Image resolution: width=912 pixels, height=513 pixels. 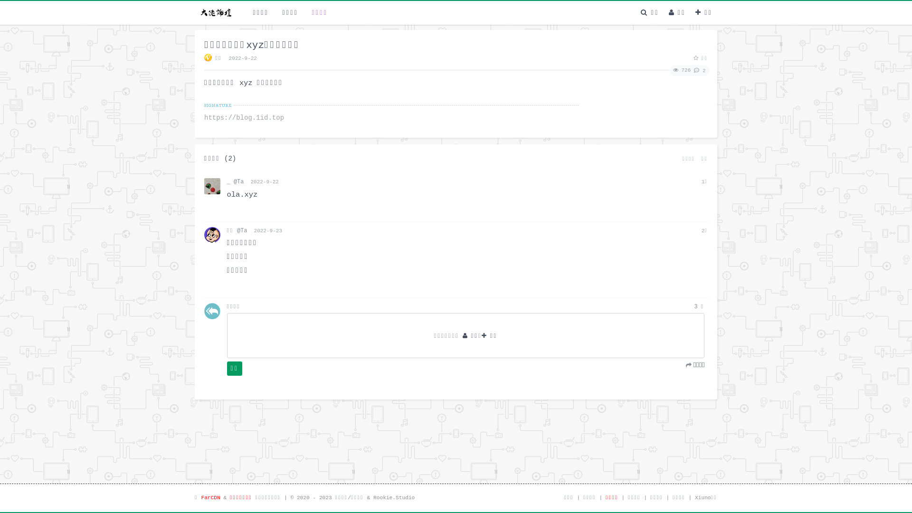 What do you see at coordinates (227, 181) in the screenshot?
I see `'_'` at bounding box center [227, 181].